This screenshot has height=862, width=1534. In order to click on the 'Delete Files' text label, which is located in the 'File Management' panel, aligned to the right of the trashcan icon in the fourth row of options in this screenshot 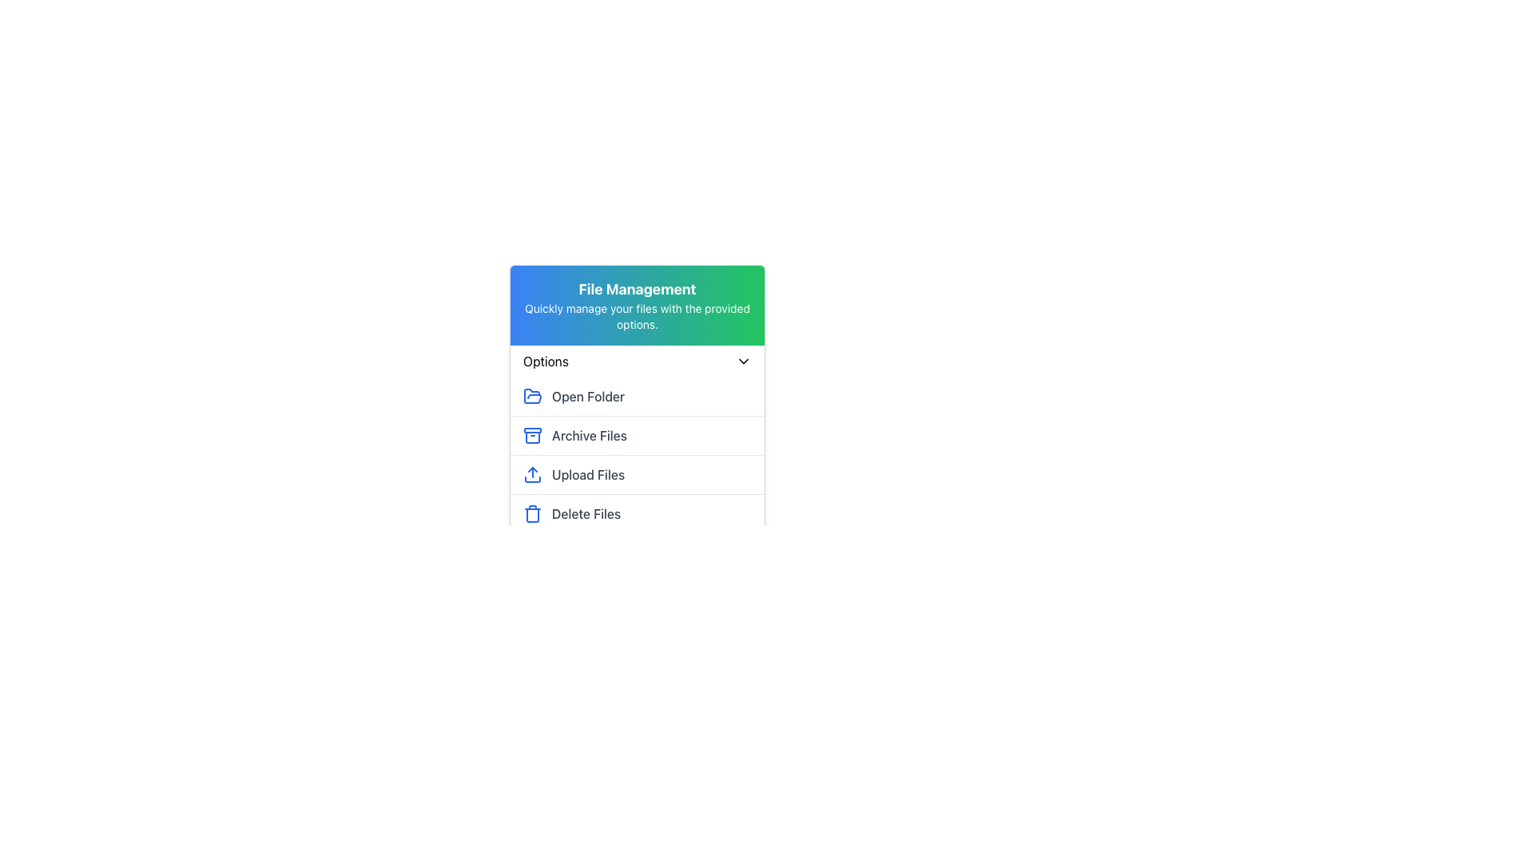, I will do `click(586, 514)`.